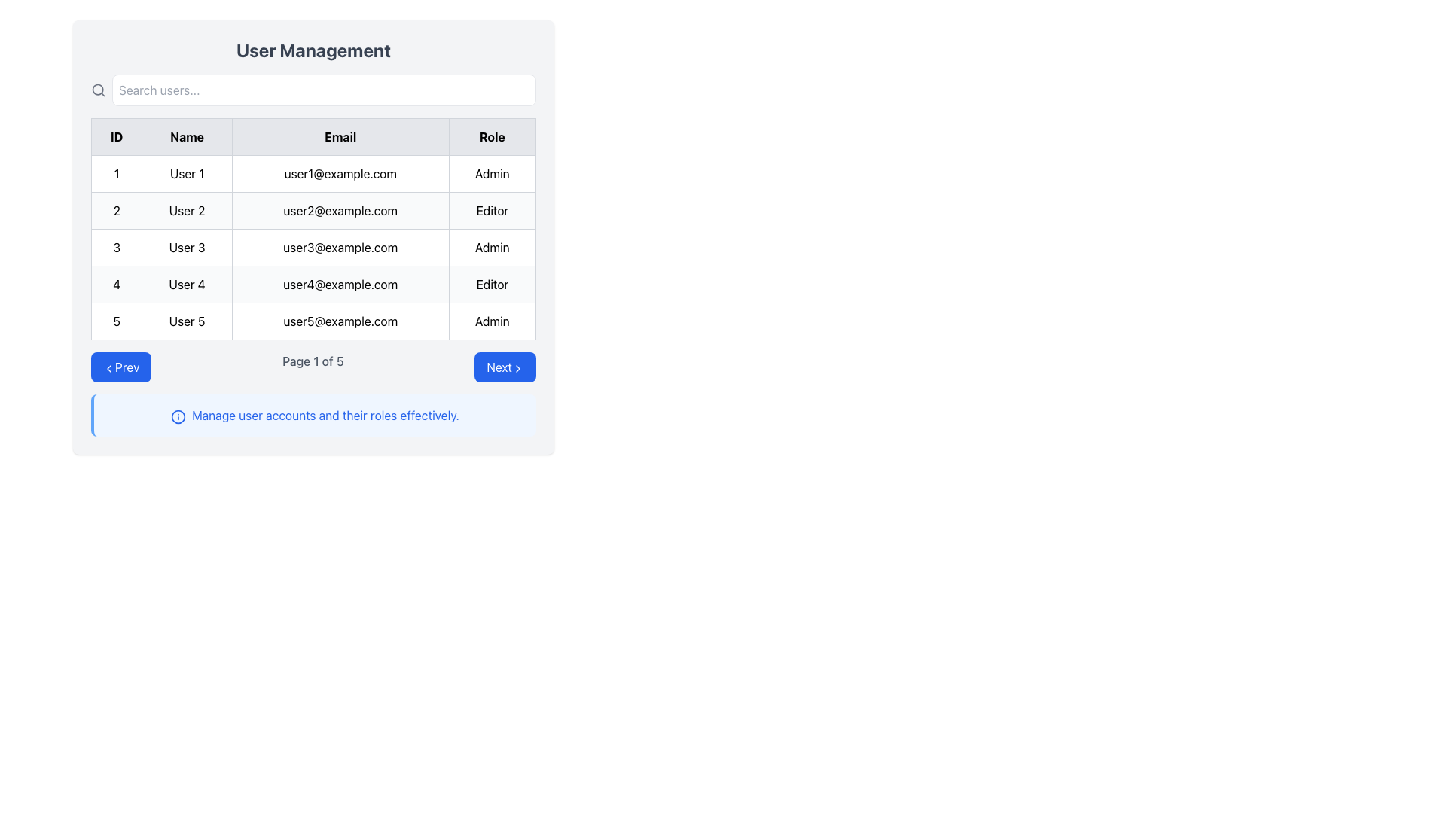 The height and width of the screenshot is (813, 1446). I want to click on displayed text from the table cell located in the fifth row and first column under the 'ID' column, so click(116, 321).